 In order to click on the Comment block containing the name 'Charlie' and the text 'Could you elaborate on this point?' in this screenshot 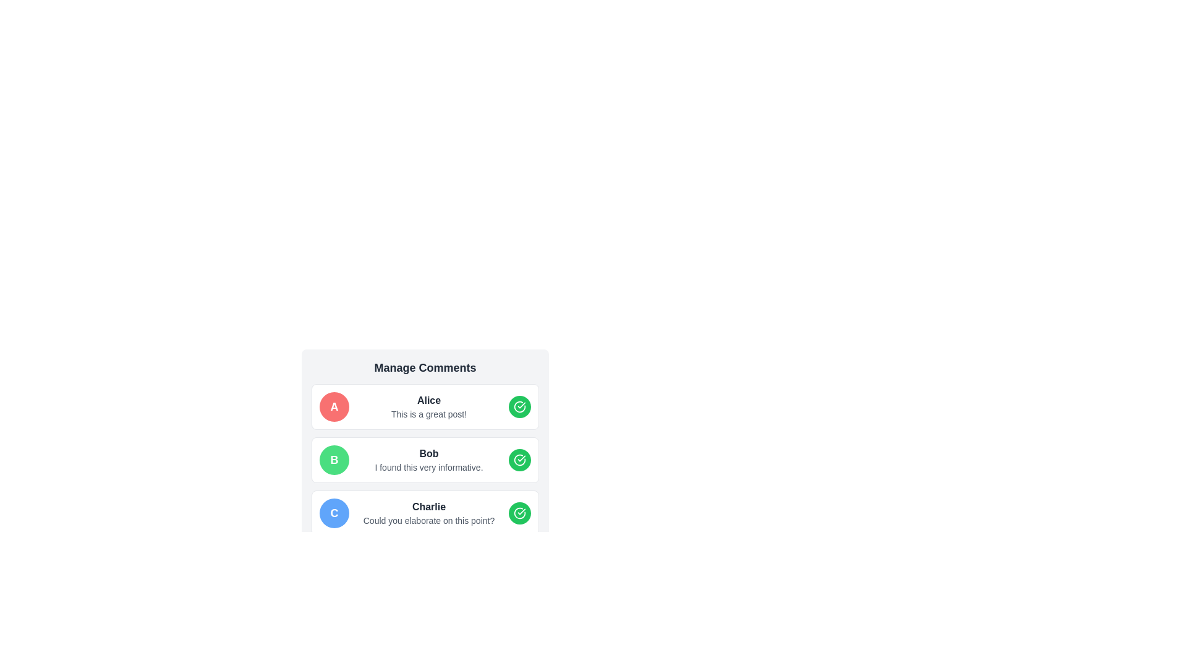, I will do `click(425, 513)`.